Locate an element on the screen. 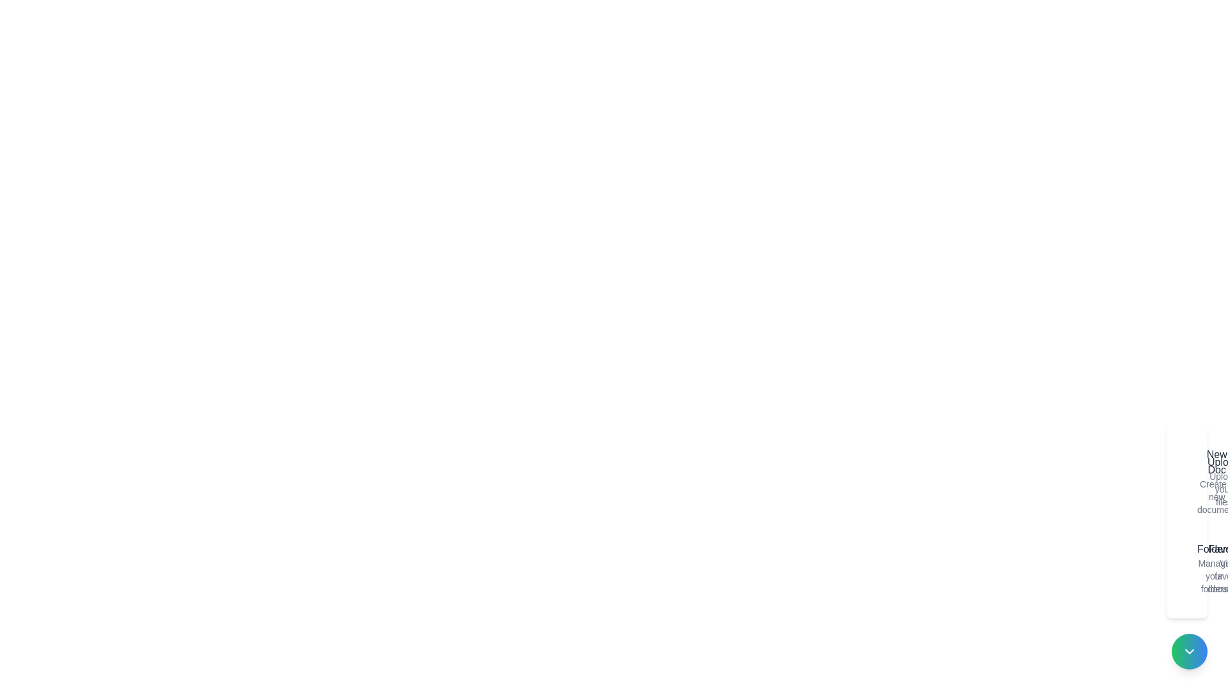 The width and height of the screenshot is (1228, 690). the toggle button to change the visibility of the speed dial menu is located at coordinates (1189, 651).